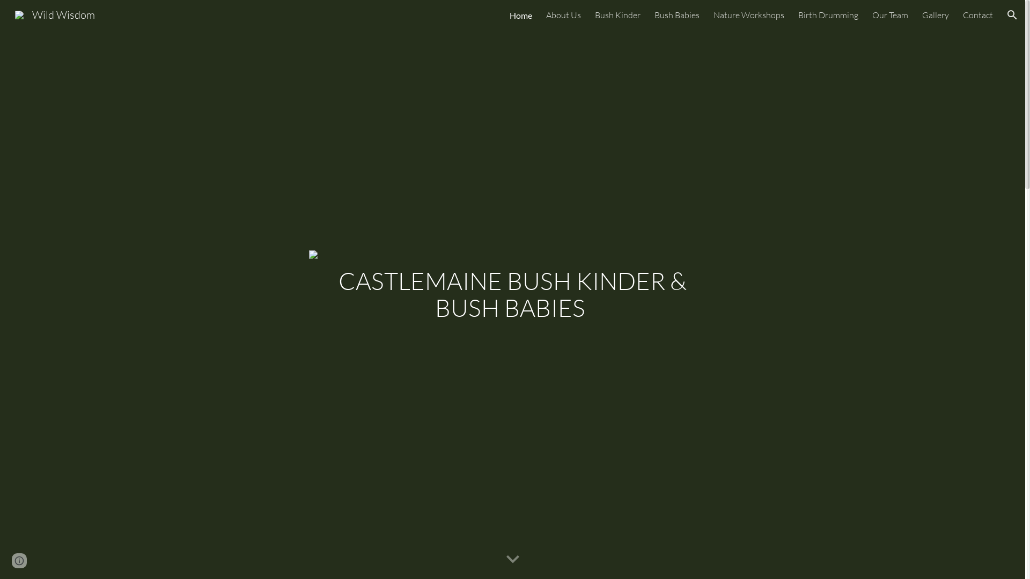 This screenshot has width=1030, height=579. What do you see at coordinates (563, 14) in the screenshot?
I see `'About Us'` at bounding box center [563, 14].